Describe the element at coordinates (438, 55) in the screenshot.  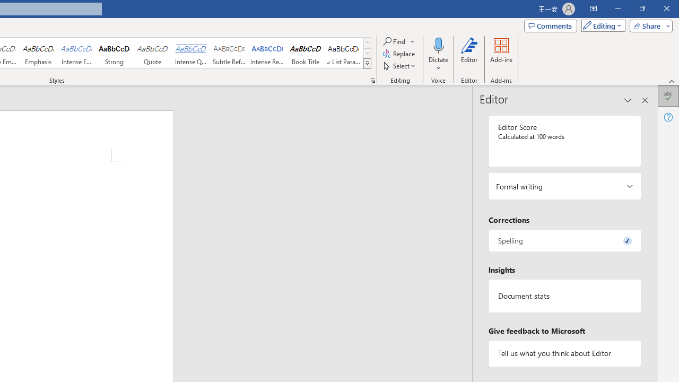
I see `'Dictate'` at that location.